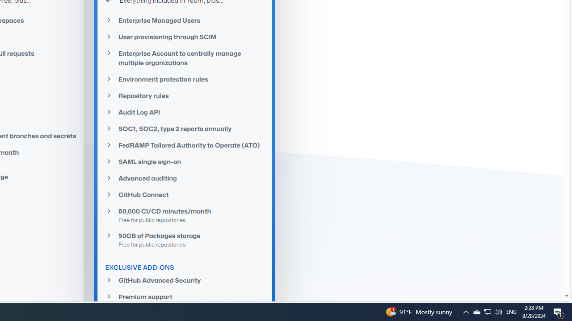  Describe the element at coordinates (185, 194) in the screenshot. I see `'GitHub Connect'` at that location.